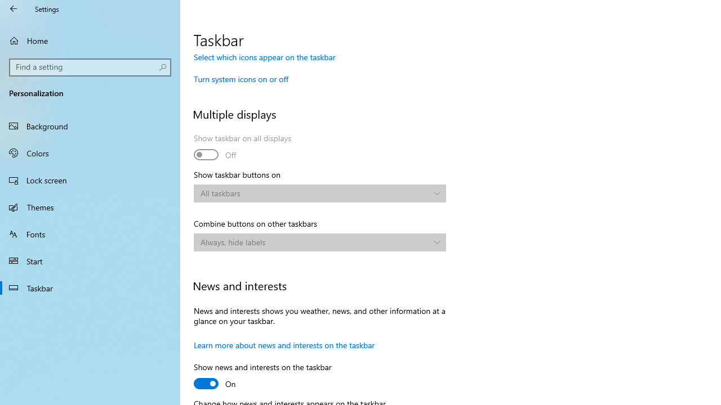 Image resolution: width=721 pixels, height=405 pixels. Describe the element at coordinates (264, 57) in the screenshot. I see `'Select which icons appear on the taskbar'` at that location.